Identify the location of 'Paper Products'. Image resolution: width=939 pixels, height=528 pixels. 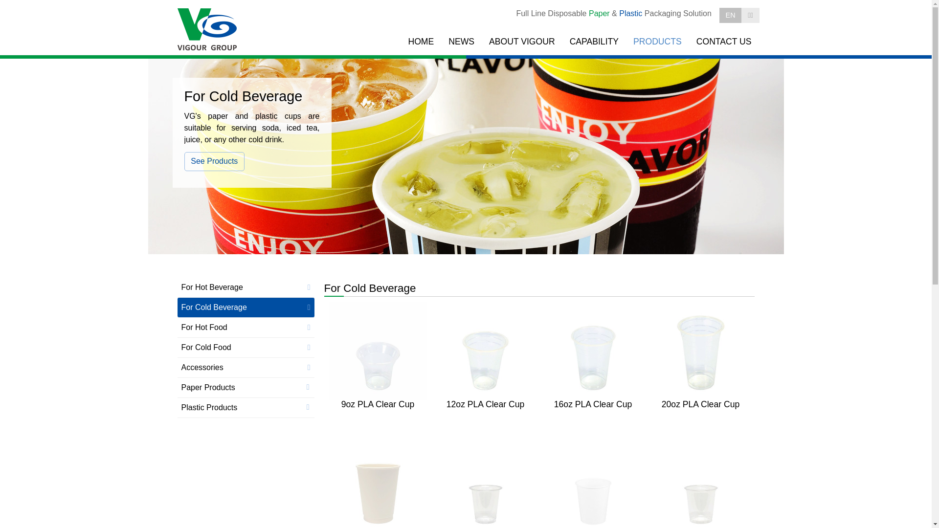
(177, 387).